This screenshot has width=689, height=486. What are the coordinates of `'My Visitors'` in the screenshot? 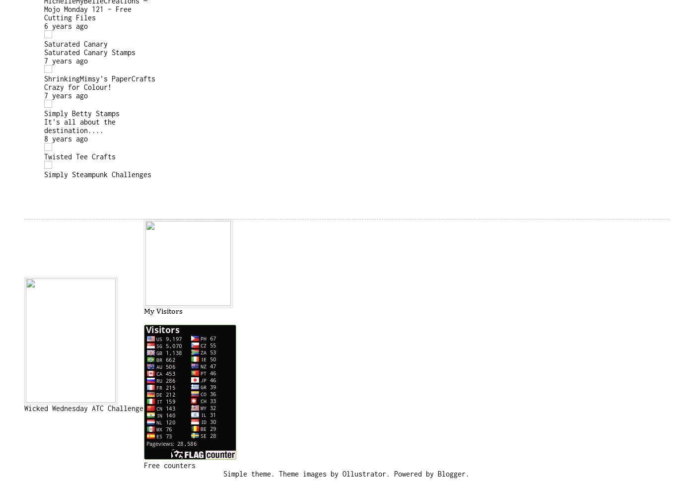 It's located at (162, 311).